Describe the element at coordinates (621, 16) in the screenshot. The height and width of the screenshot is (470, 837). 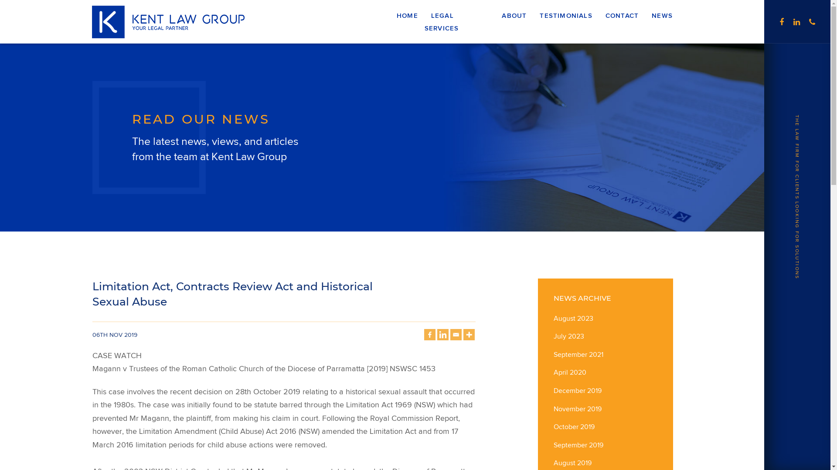
I see `'CONTACT'` at that location.